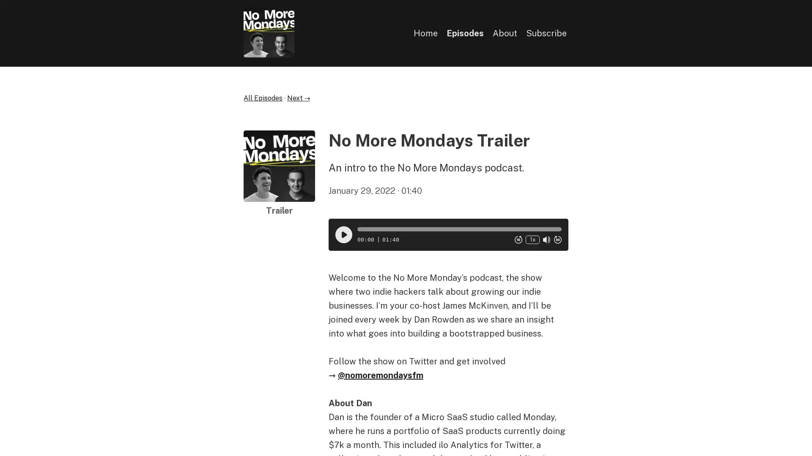  What do you see at coordinates (546, 239) in the screenshot?
I see `volume` at bounding box center [546, 239].